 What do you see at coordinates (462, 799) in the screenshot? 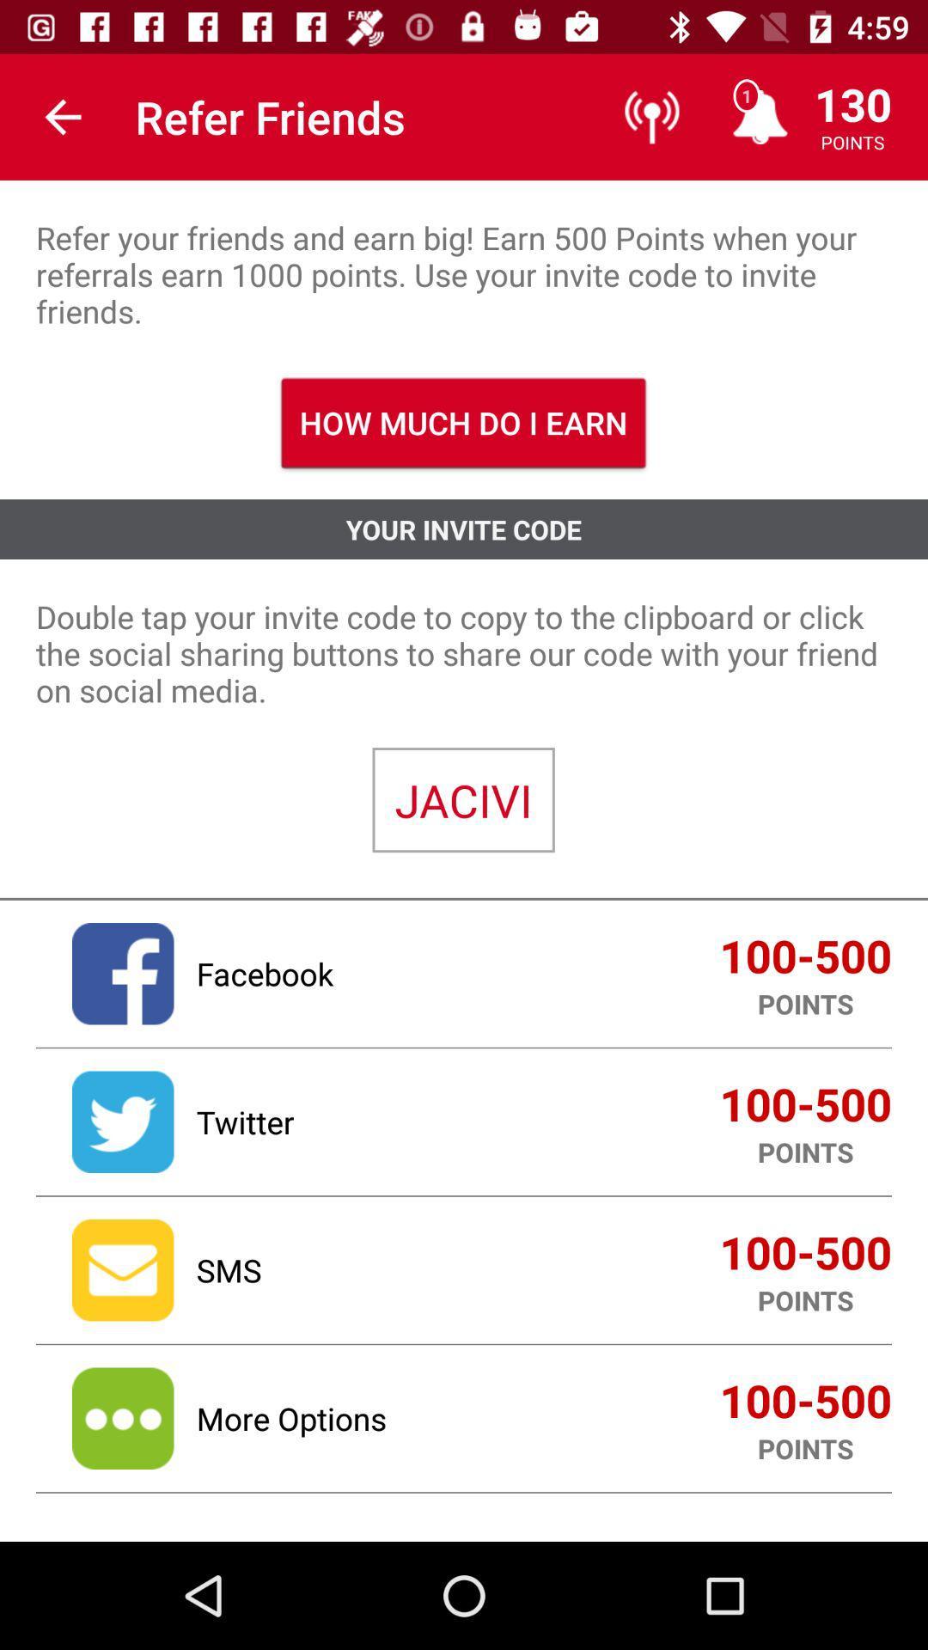
I see `the jacivi item` at bounding box center [462, 799].